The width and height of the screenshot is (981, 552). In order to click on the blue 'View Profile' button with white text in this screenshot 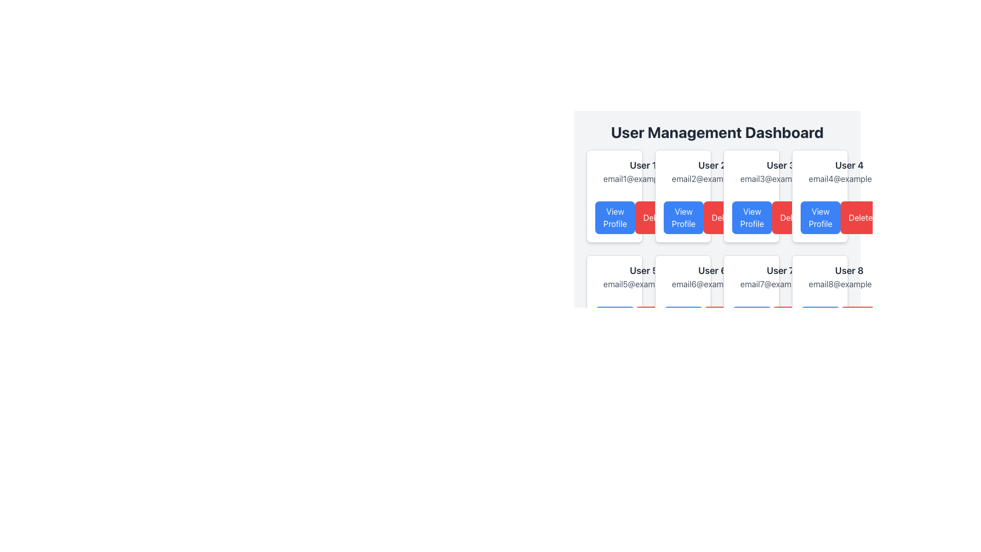, I will do `click(821, 217)`.